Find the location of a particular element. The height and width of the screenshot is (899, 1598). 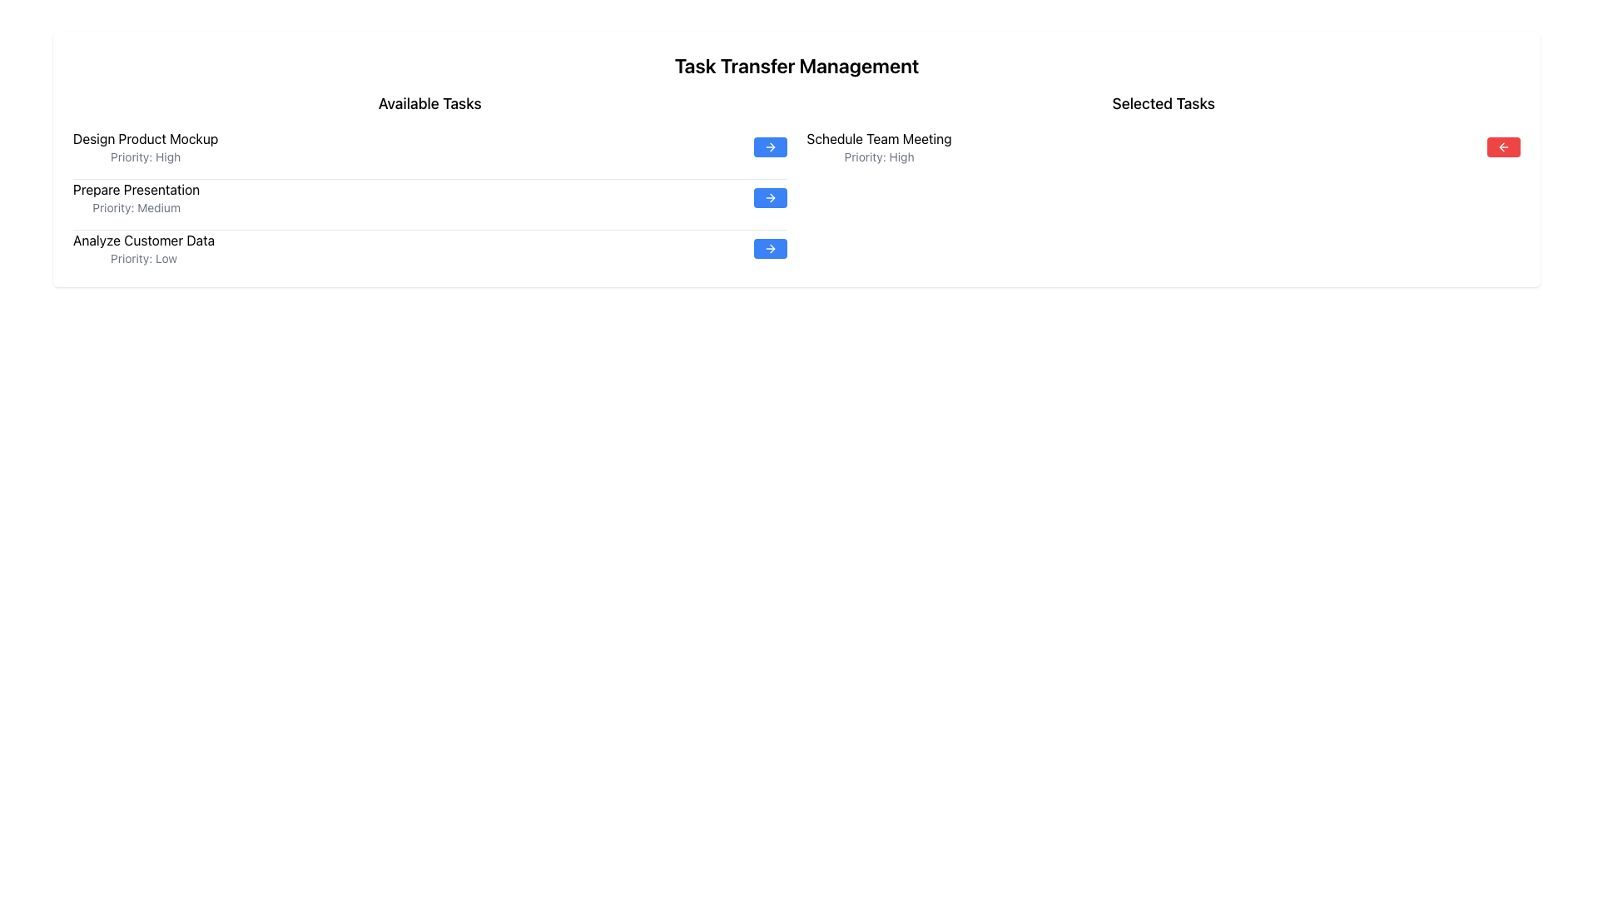

the prominent 'Available Tasks' label styled as large, bold text located at the top of the left panel in the Task Transfer Management layout is located at coordinates (429, 103).